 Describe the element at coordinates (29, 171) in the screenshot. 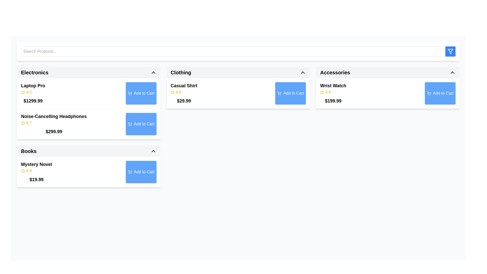

I see `text label displaying the average customer rating for the 'Mystery Novel' product, located in the 'Books' section, adjacent to a gold star icon and above the price` at that location.